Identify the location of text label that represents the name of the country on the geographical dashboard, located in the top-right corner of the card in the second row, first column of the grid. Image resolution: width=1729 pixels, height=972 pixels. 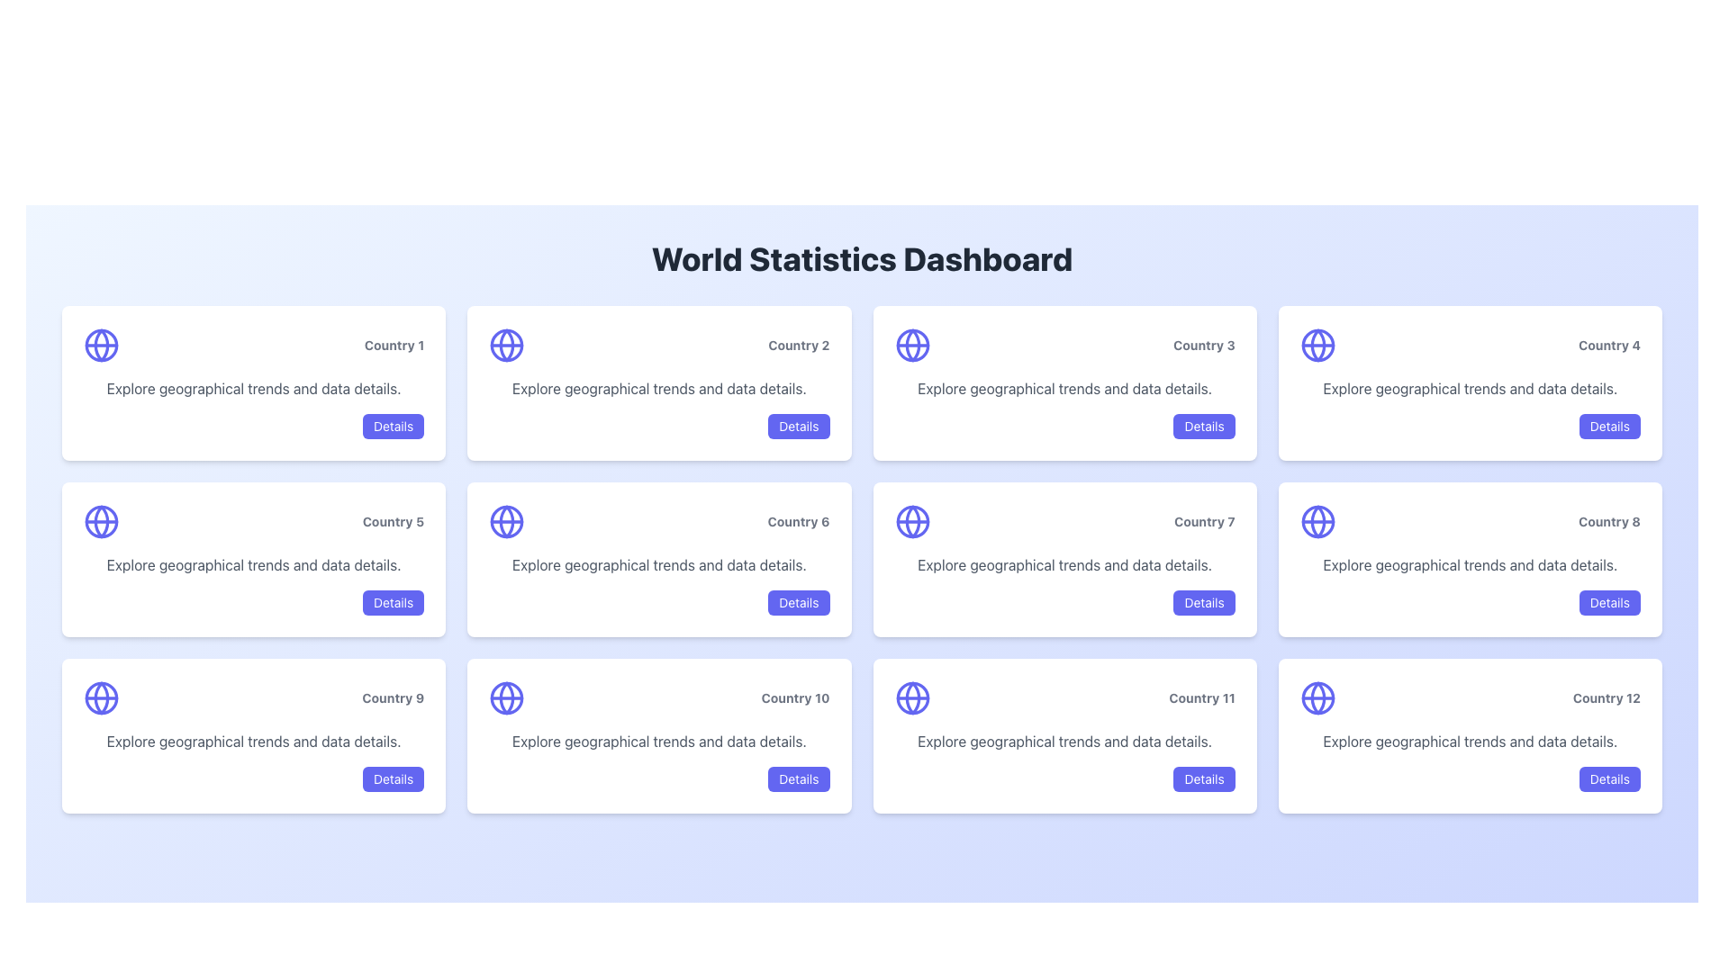
(392, 521).